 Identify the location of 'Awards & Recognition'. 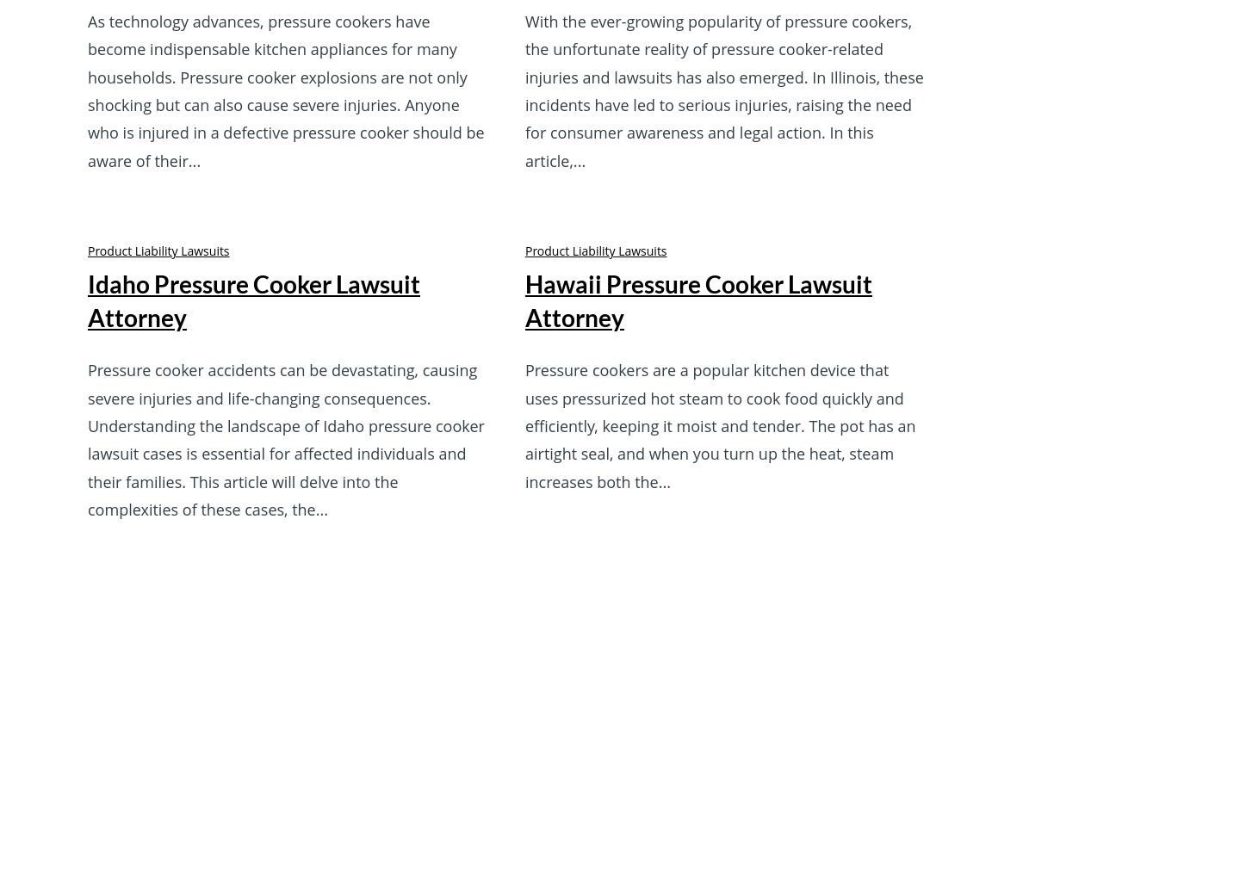
(416, 572).